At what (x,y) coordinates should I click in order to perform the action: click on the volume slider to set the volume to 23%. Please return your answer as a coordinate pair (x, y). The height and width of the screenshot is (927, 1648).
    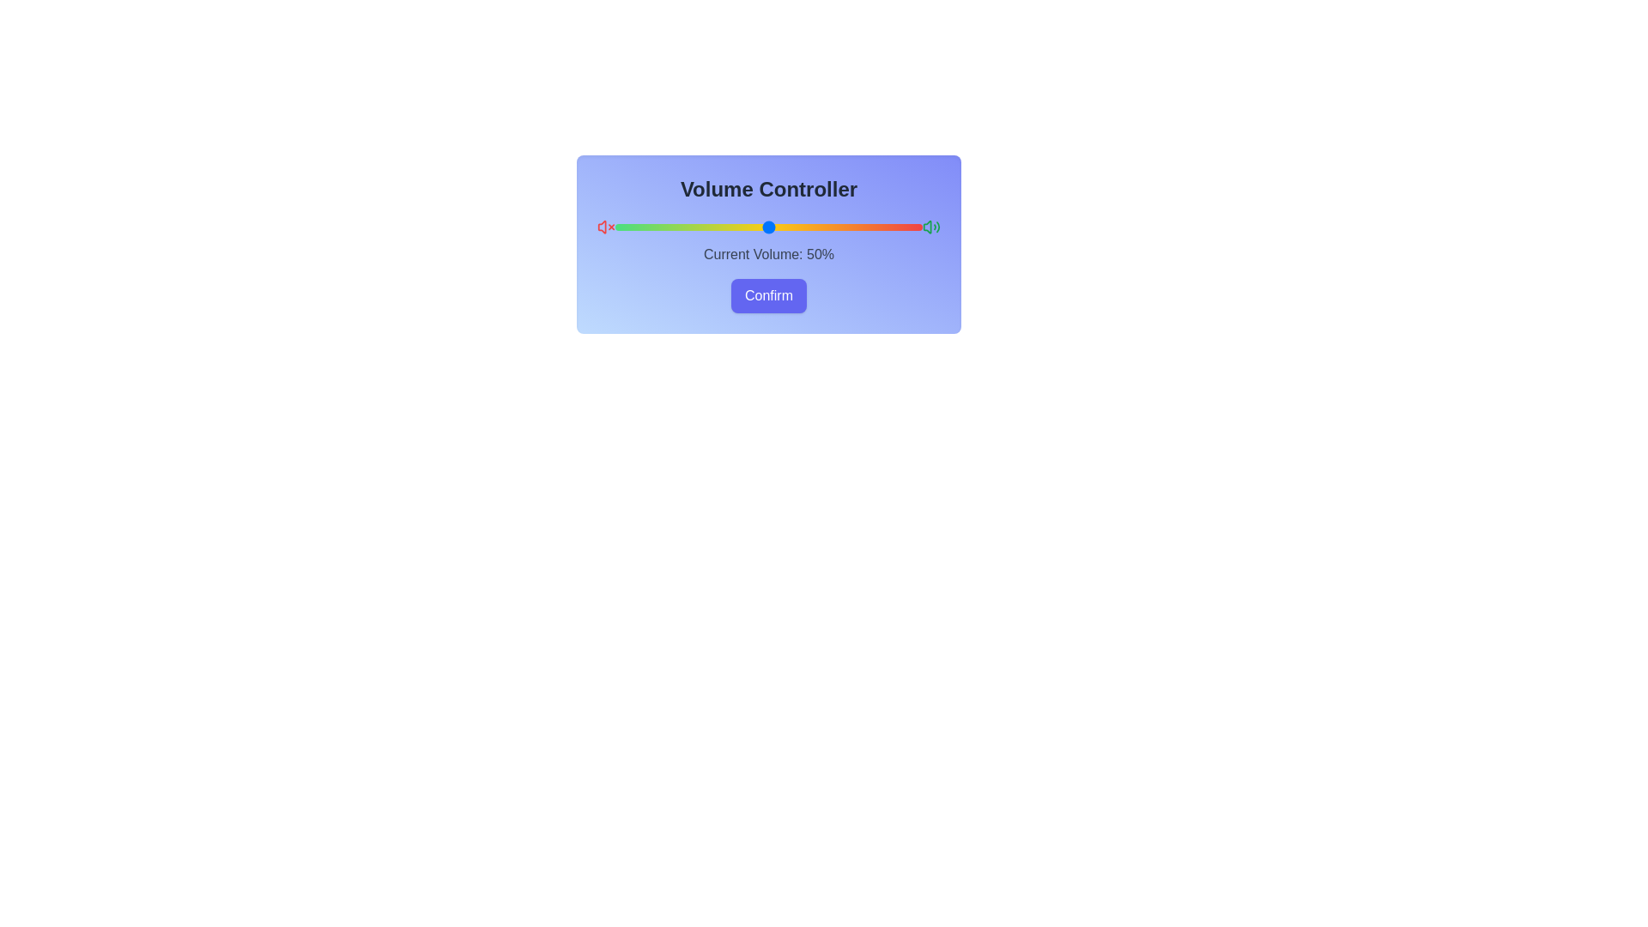
    Looking at the image, I should click on (685, 227).